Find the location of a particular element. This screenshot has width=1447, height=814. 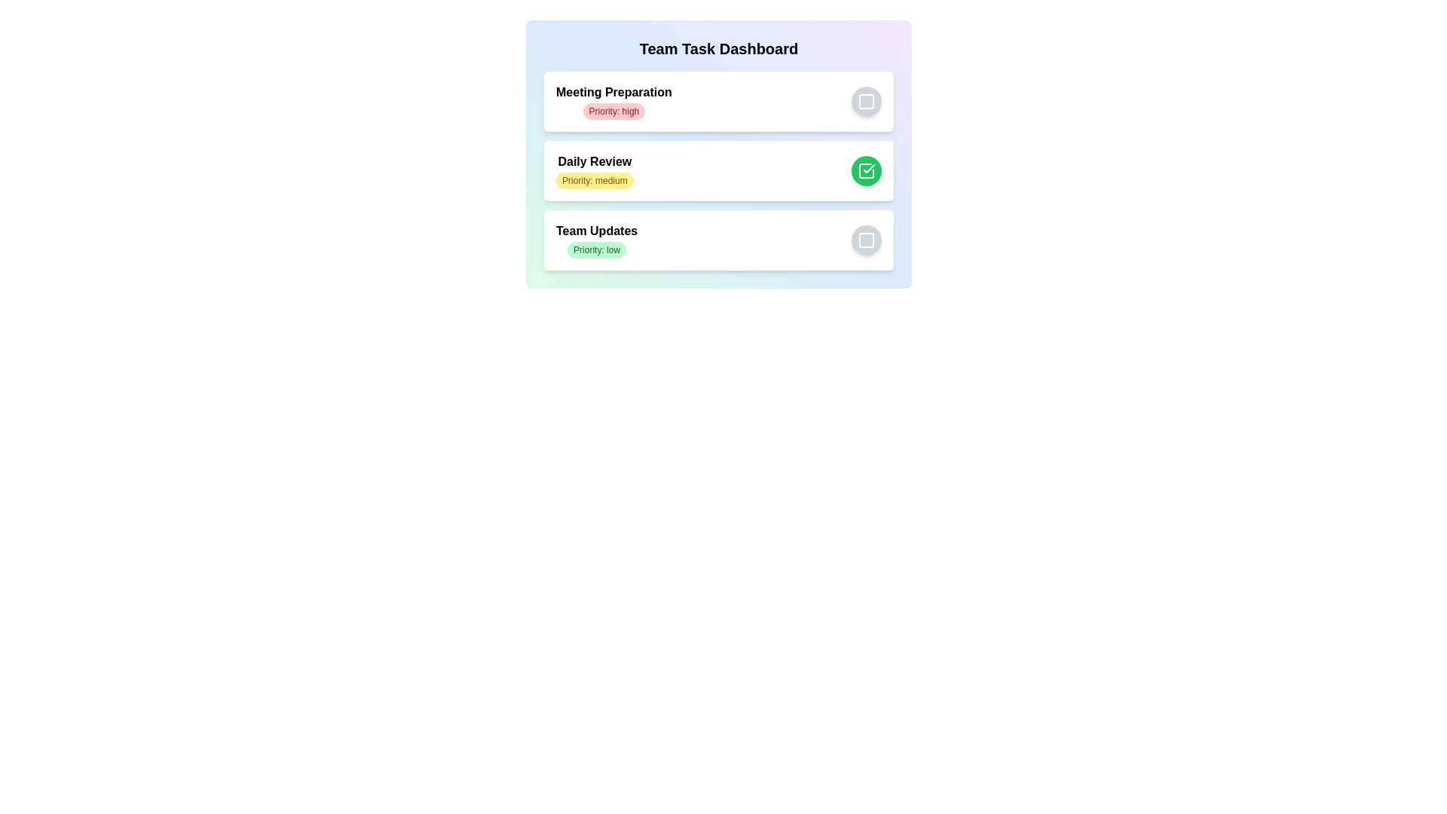

the task with priority medium is located at coordinates (594, 179).